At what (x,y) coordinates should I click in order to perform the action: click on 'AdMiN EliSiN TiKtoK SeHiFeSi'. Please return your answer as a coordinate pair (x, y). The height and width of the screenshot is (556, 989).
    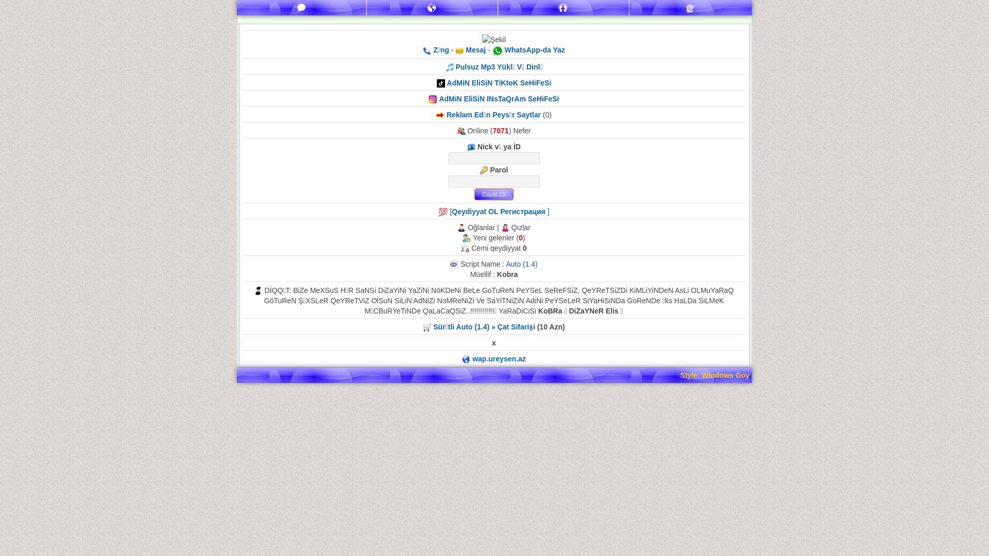
    Looking at the image, I should click on (499, 82).